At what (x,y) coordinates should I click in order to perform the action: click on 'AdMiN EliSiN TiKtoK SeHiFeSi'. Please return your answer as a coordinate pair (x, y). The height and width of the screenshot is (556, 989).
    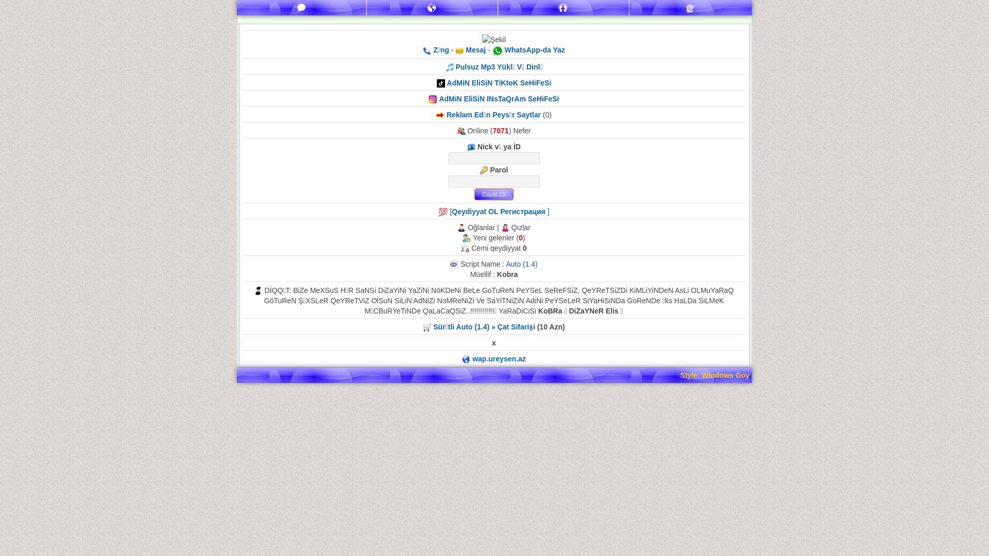
    Looking at the image, I should click on (499, 82).